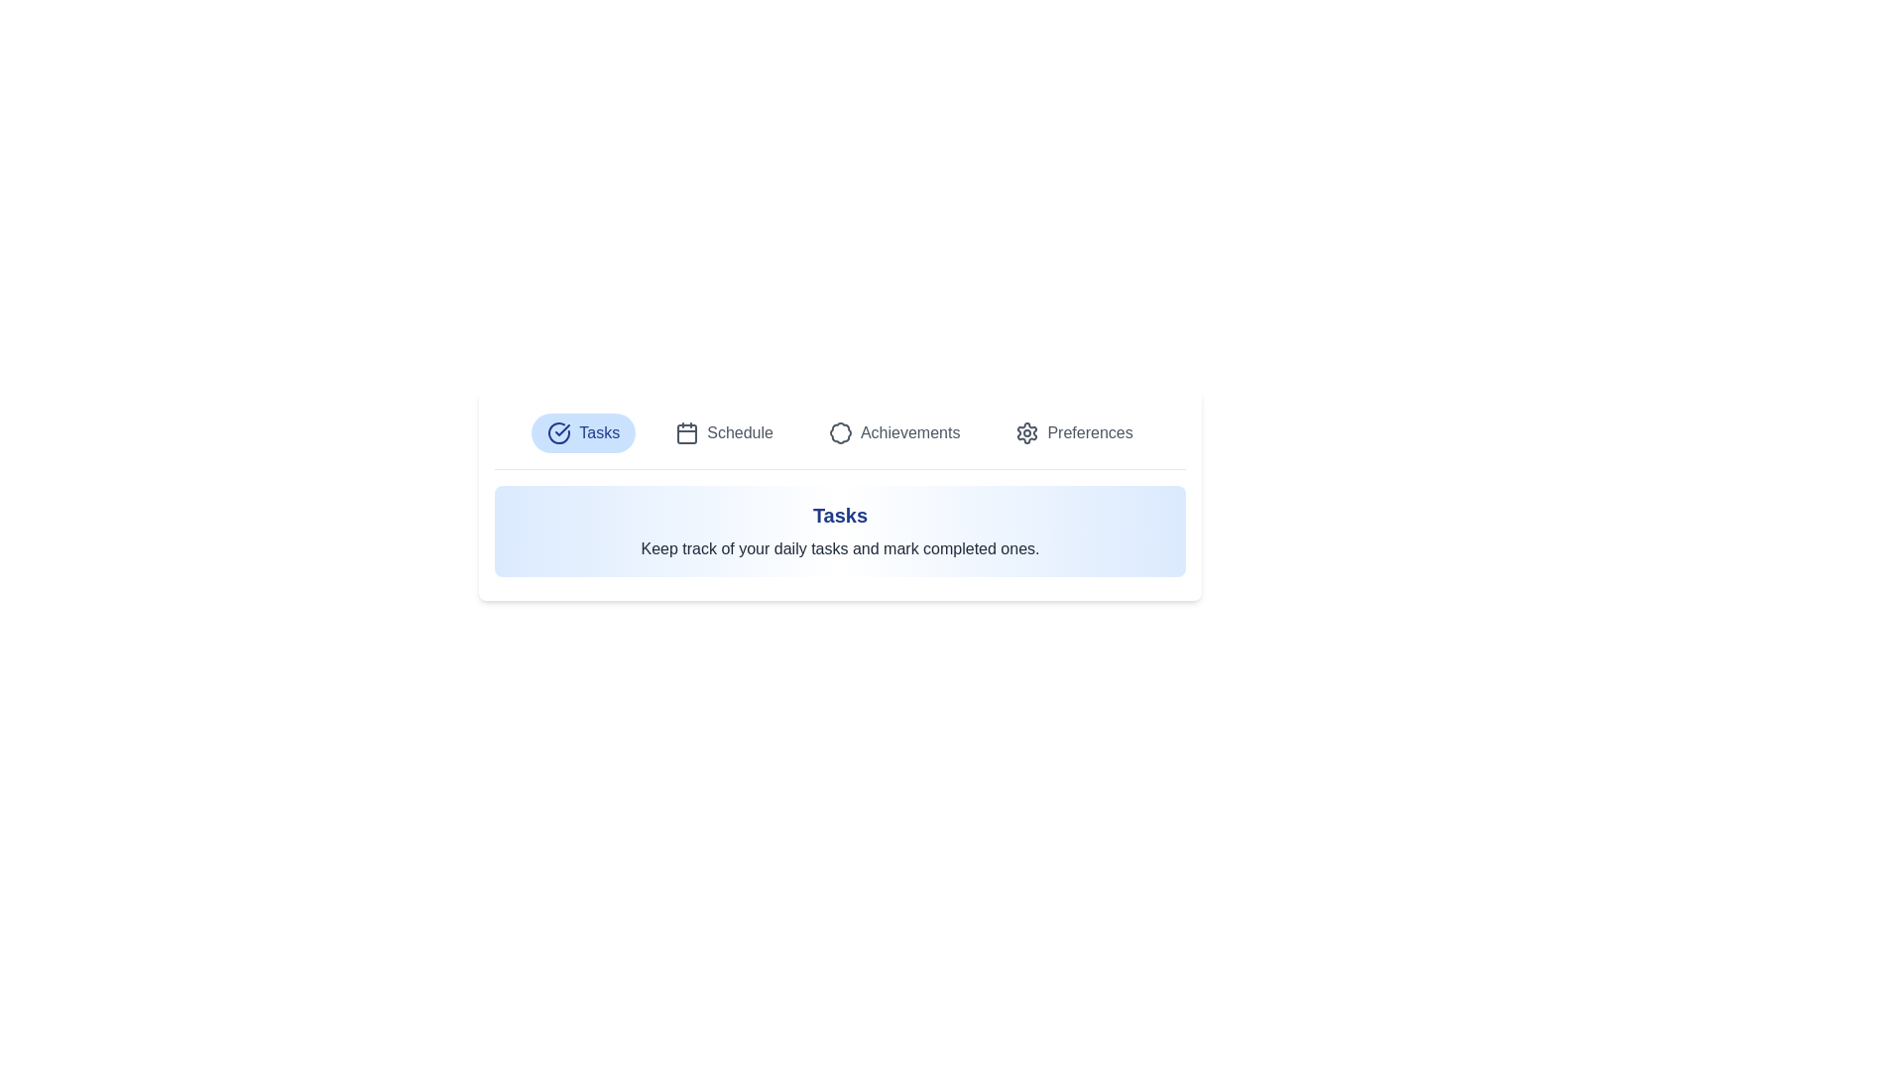 The height and width of the screenshot is (1071, 1904). What do you see at coordinates (840, 431) in the screenshot?
I see `the decorative icon next to the 'Achievements' label to enhance the section's recognizability` at bounding box center [840, 431].